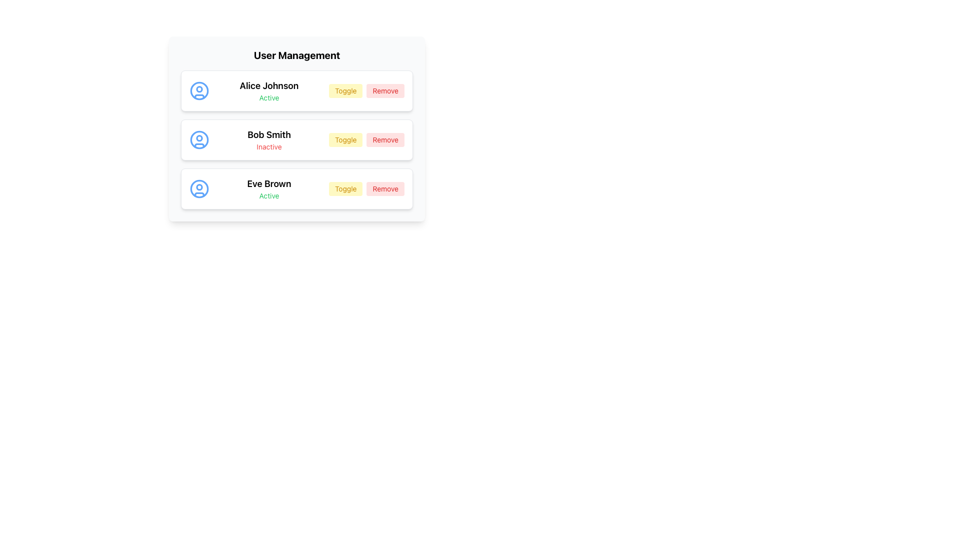 This screenshot has height=540, width=960. What do you see at coordinates (269, 146) in the screenshot?
I see `the static text element displaying 'Inactive', which is located below the 'Bob Smith' text and adjacent to the 'Toggle' and 'Remove' buttons` at bounding box center [269, 146].